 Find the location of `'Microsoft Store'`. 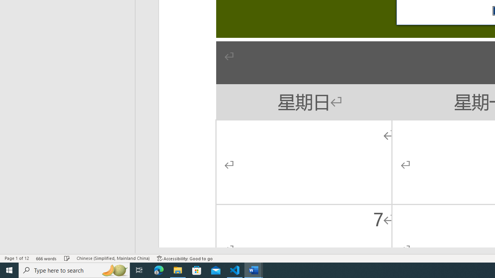

'Microsoft Store' is located at coordinates (197, 270).